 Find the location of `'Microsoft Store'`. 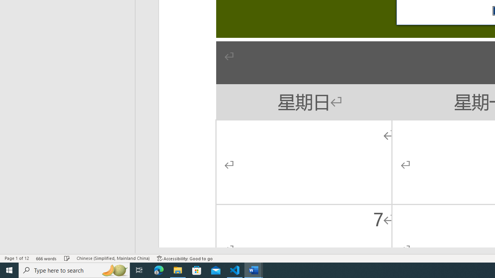

'Microsoft Store' is located at coordinates (197, 270).